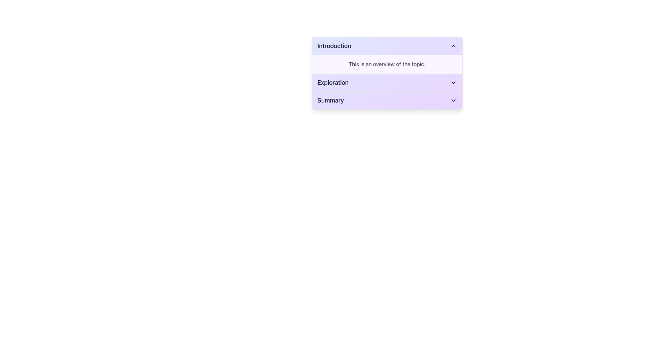  What do you see at coordinates (453, 46) in the screenshot?
I see `the chevron icon located at the rightmost side of the 'Introduction' section header` at bounding box center [453, 46].